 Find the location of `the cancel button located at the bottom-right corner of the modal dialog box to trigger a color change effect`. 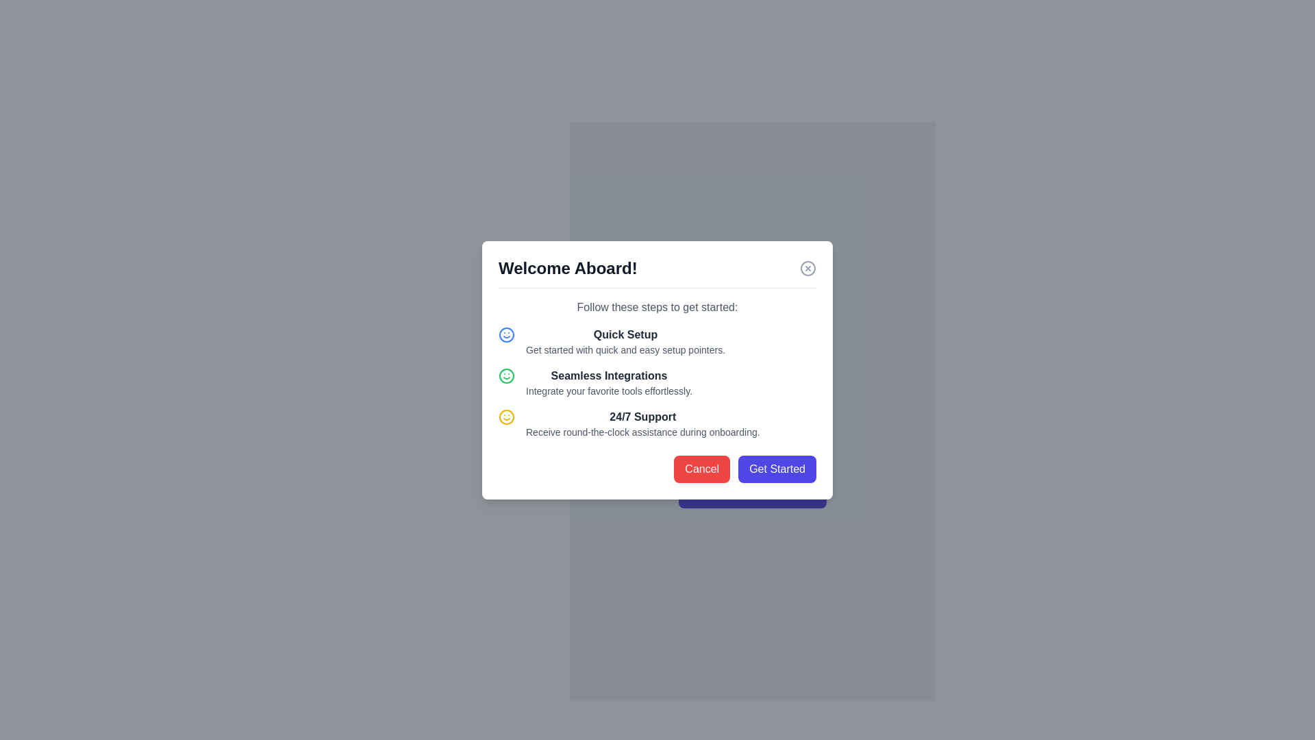

the cancel button located at the bottom-right corner of the modal dialog box to trigger a color change effect is located at coordinates (702, 468).